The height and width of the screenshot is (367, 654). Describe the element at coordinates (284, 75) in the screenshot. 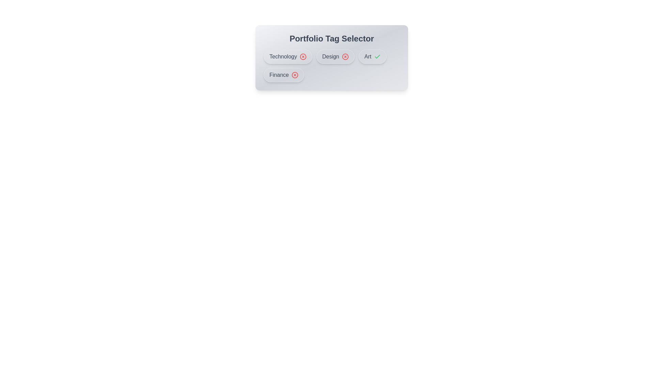

I see `the tag Finance` at that location.